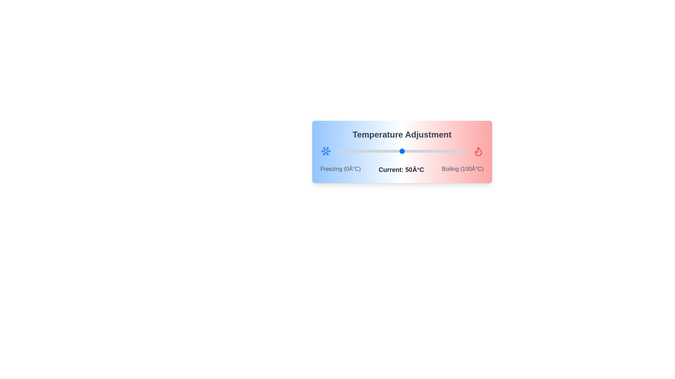  What do you see at coordinates (325, 151) in the screenshot?
I see `the snowflake icon` at bounding box center [325, 151].